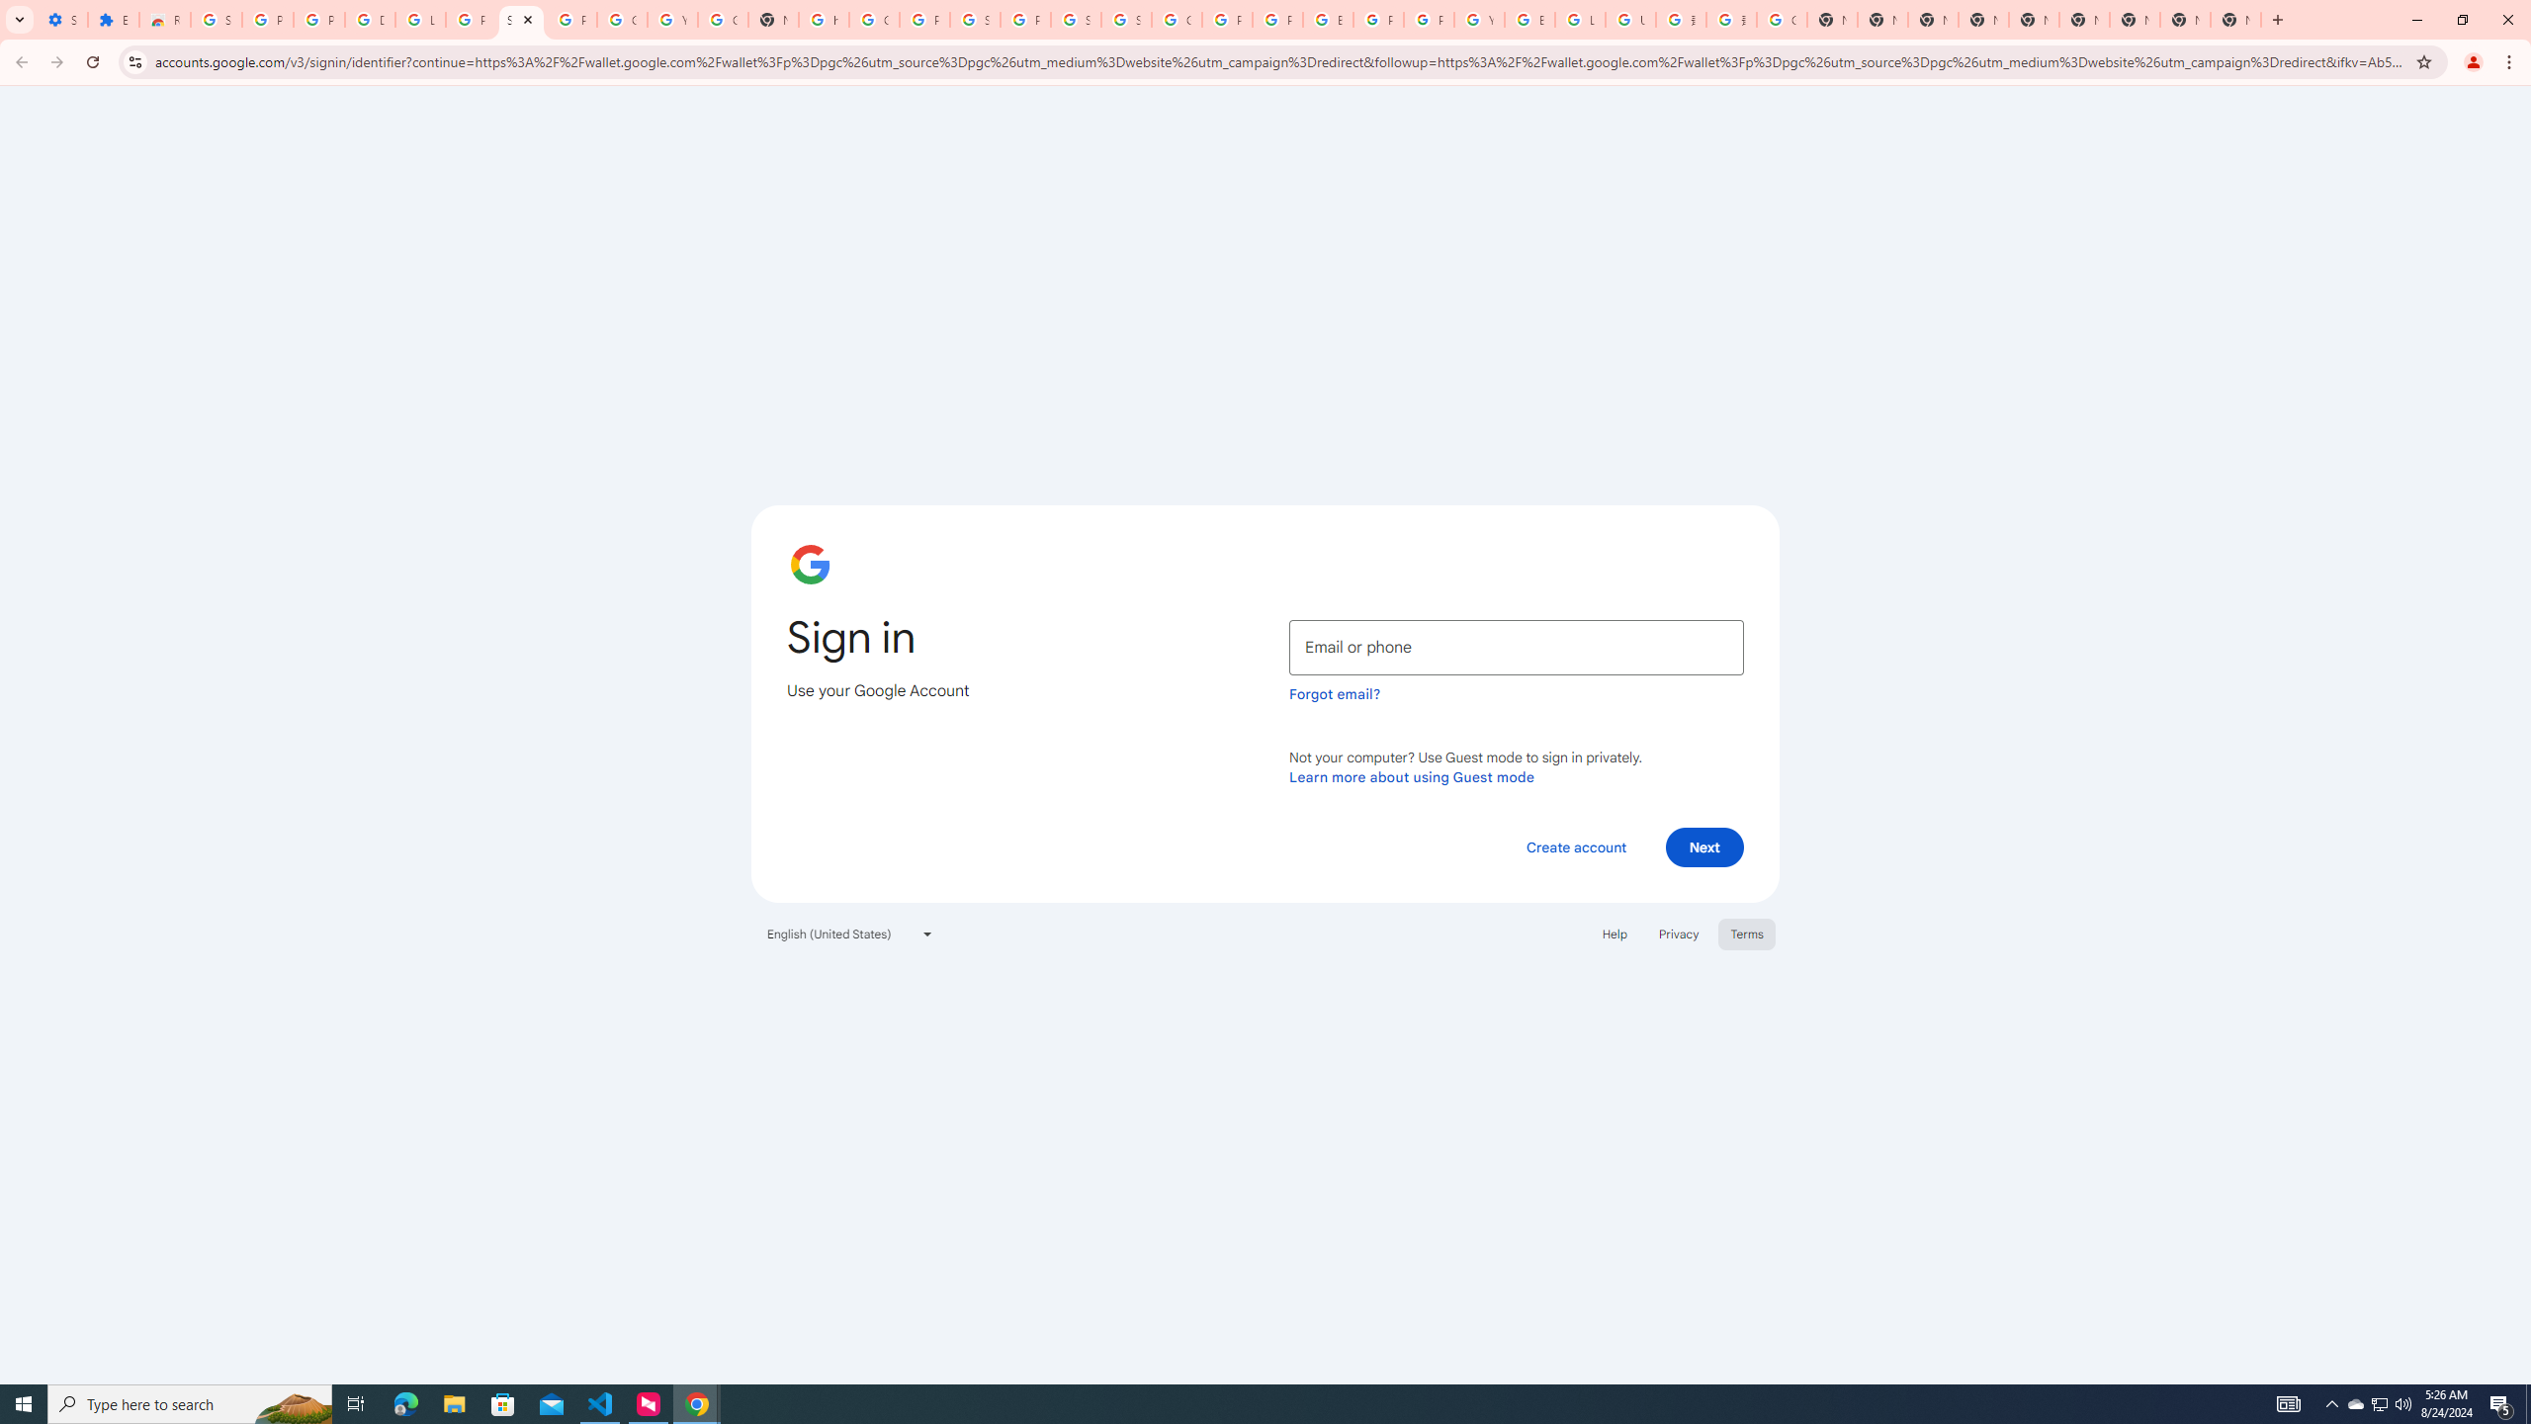 The image size is (2531, 1424). I want to click on 'Reviews: Helix Fruit Jump Arcade Game', so click(165, 19).